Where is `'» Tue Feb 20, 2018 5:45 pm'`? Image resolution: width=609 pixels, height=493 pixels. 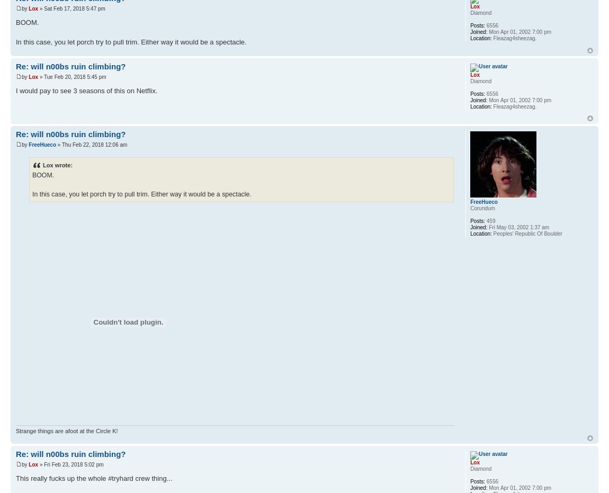
'» Tue Feb 20, 2018 5:45 pm' is located at coordinates (71, 76).